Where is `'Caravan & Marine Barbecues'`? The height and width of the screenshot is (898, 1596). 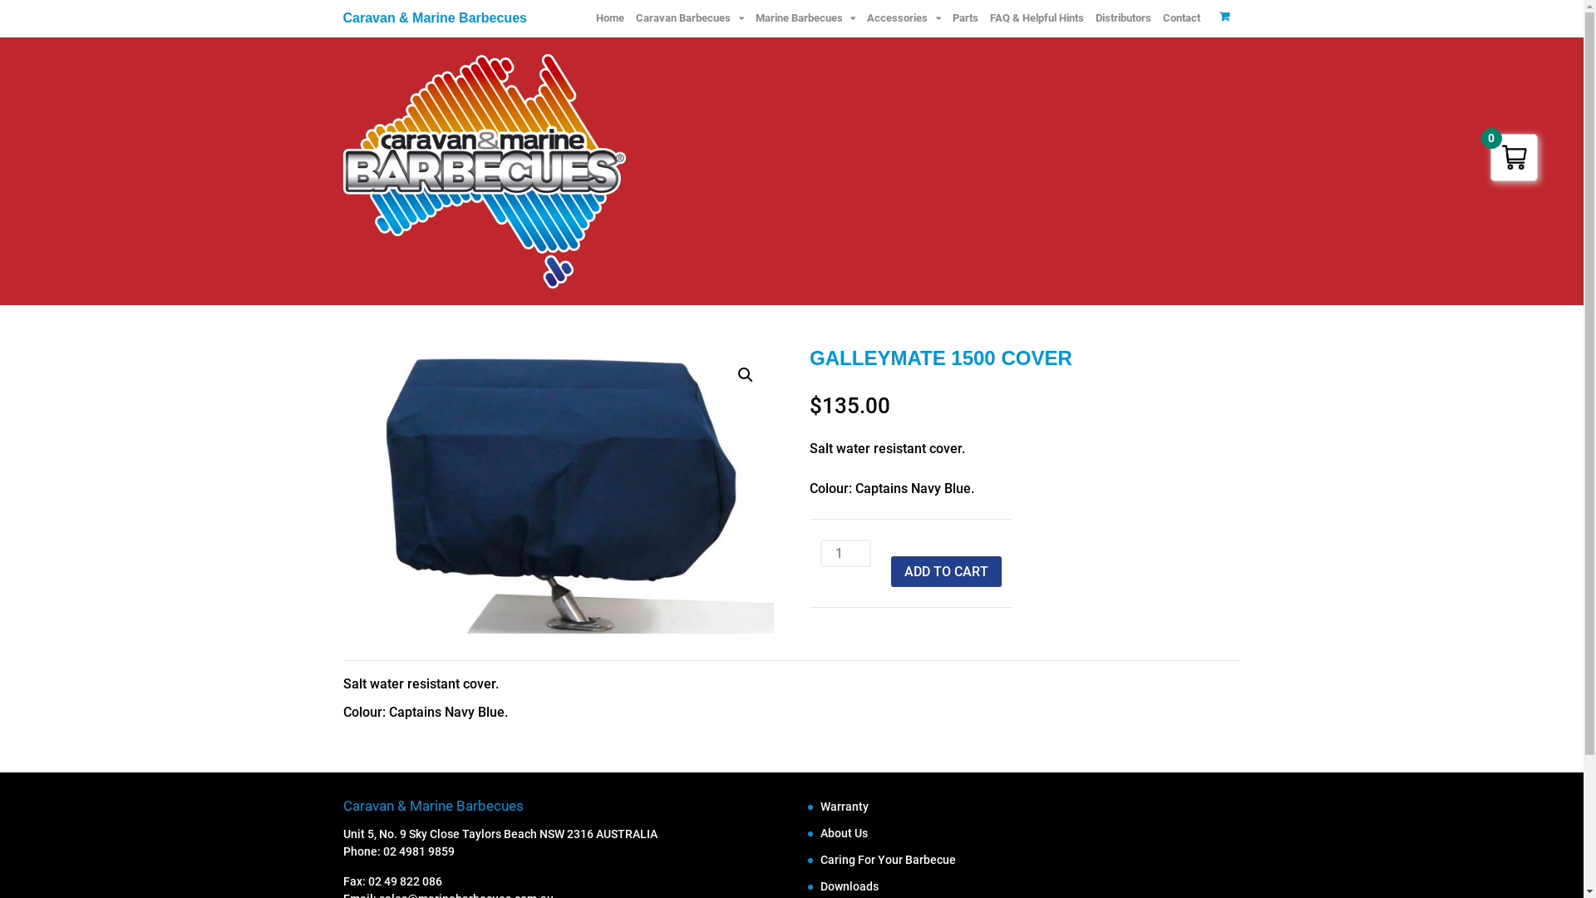 'Caravan & Marine Barbecues' is located at coordinates (434, 17).